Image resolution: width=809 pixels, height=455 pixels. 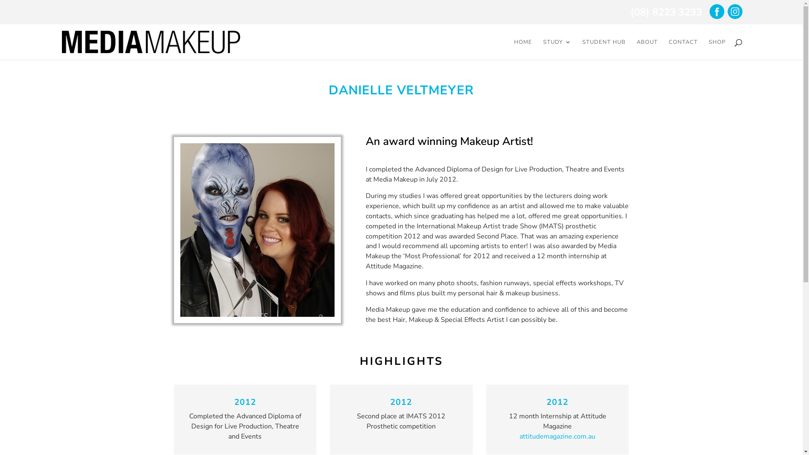 I want to click on 'STUDENT HUB', so click(x=603, y=49).